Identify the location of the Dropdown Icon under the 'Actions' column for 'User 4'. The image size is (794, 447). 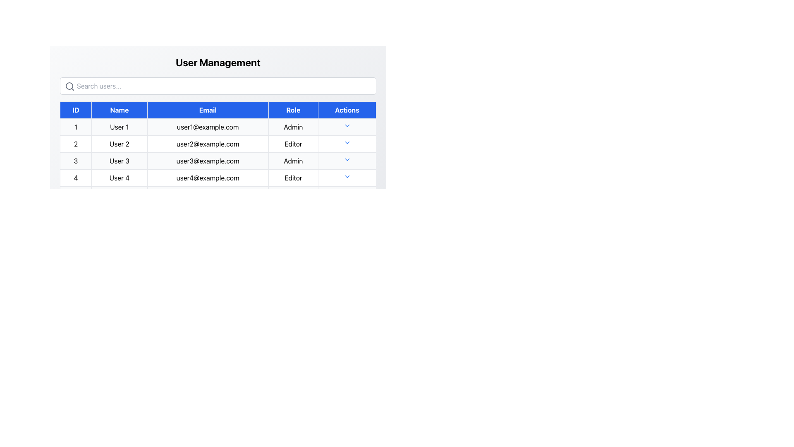
(347, 177).